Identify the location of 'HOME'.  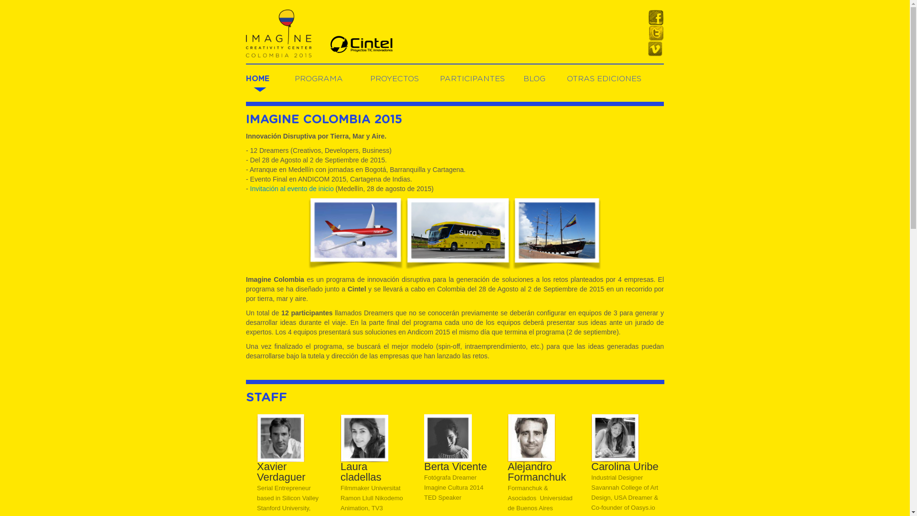
(245, 78).